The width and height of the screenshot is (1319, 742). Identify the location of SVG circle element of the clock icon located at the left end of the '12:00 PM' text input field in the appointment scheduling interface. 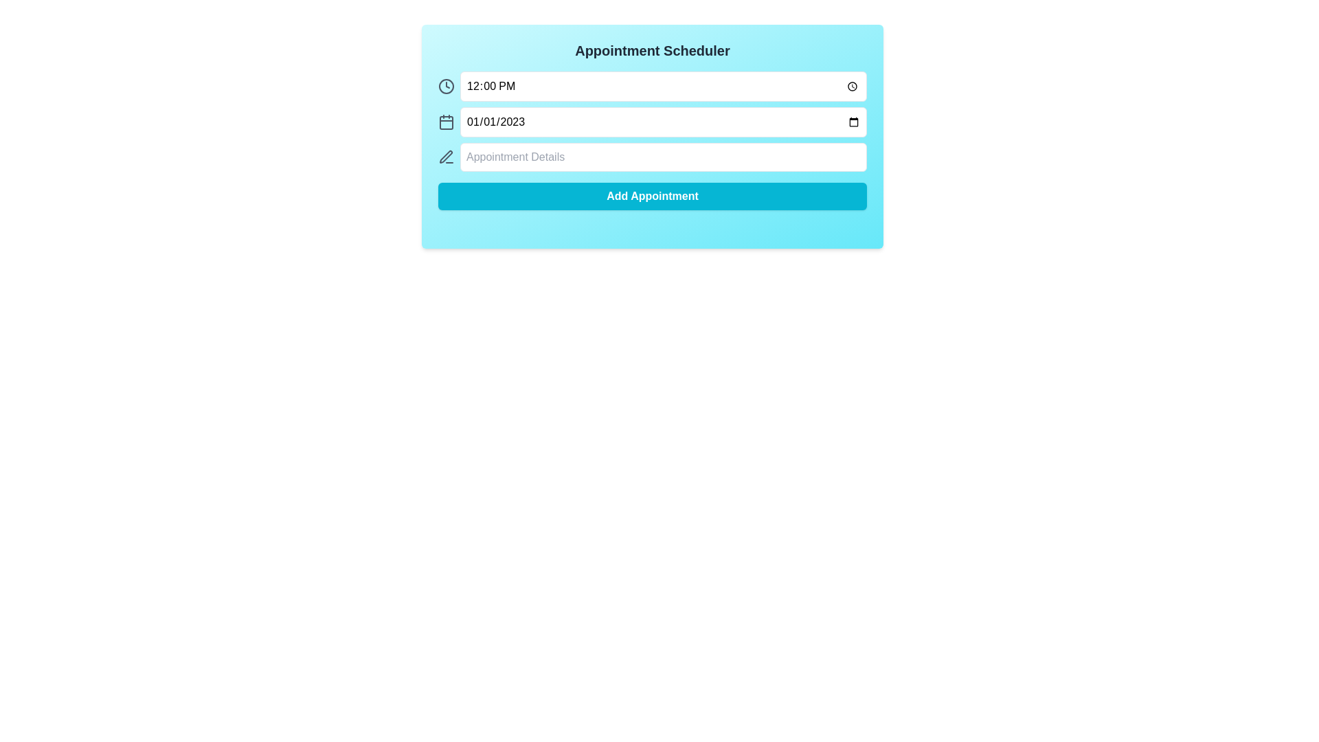
(446, 87).